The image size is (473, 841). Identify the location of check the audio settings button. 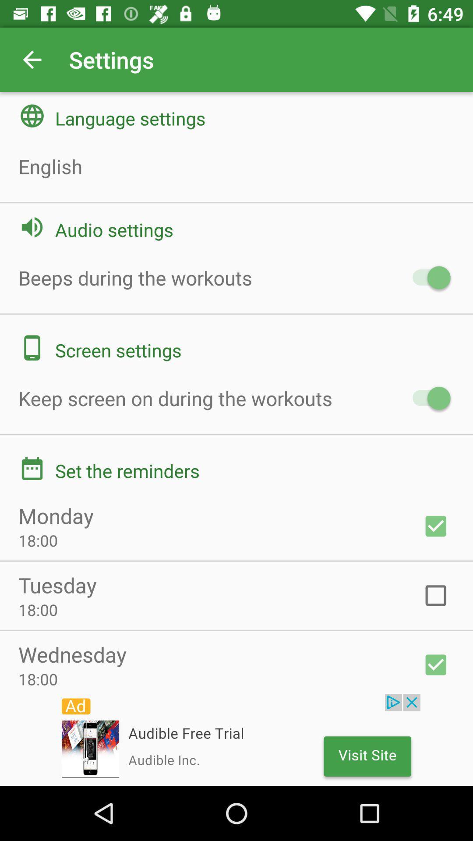
(427, 277).